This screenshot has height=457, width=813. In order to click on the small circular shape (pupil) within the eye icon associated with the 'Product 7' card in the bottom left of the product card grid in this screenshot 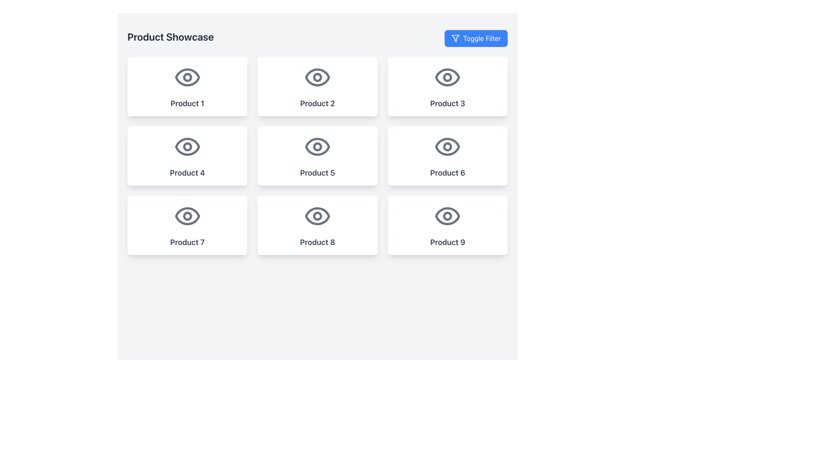, I will do `click(187, 215)`.